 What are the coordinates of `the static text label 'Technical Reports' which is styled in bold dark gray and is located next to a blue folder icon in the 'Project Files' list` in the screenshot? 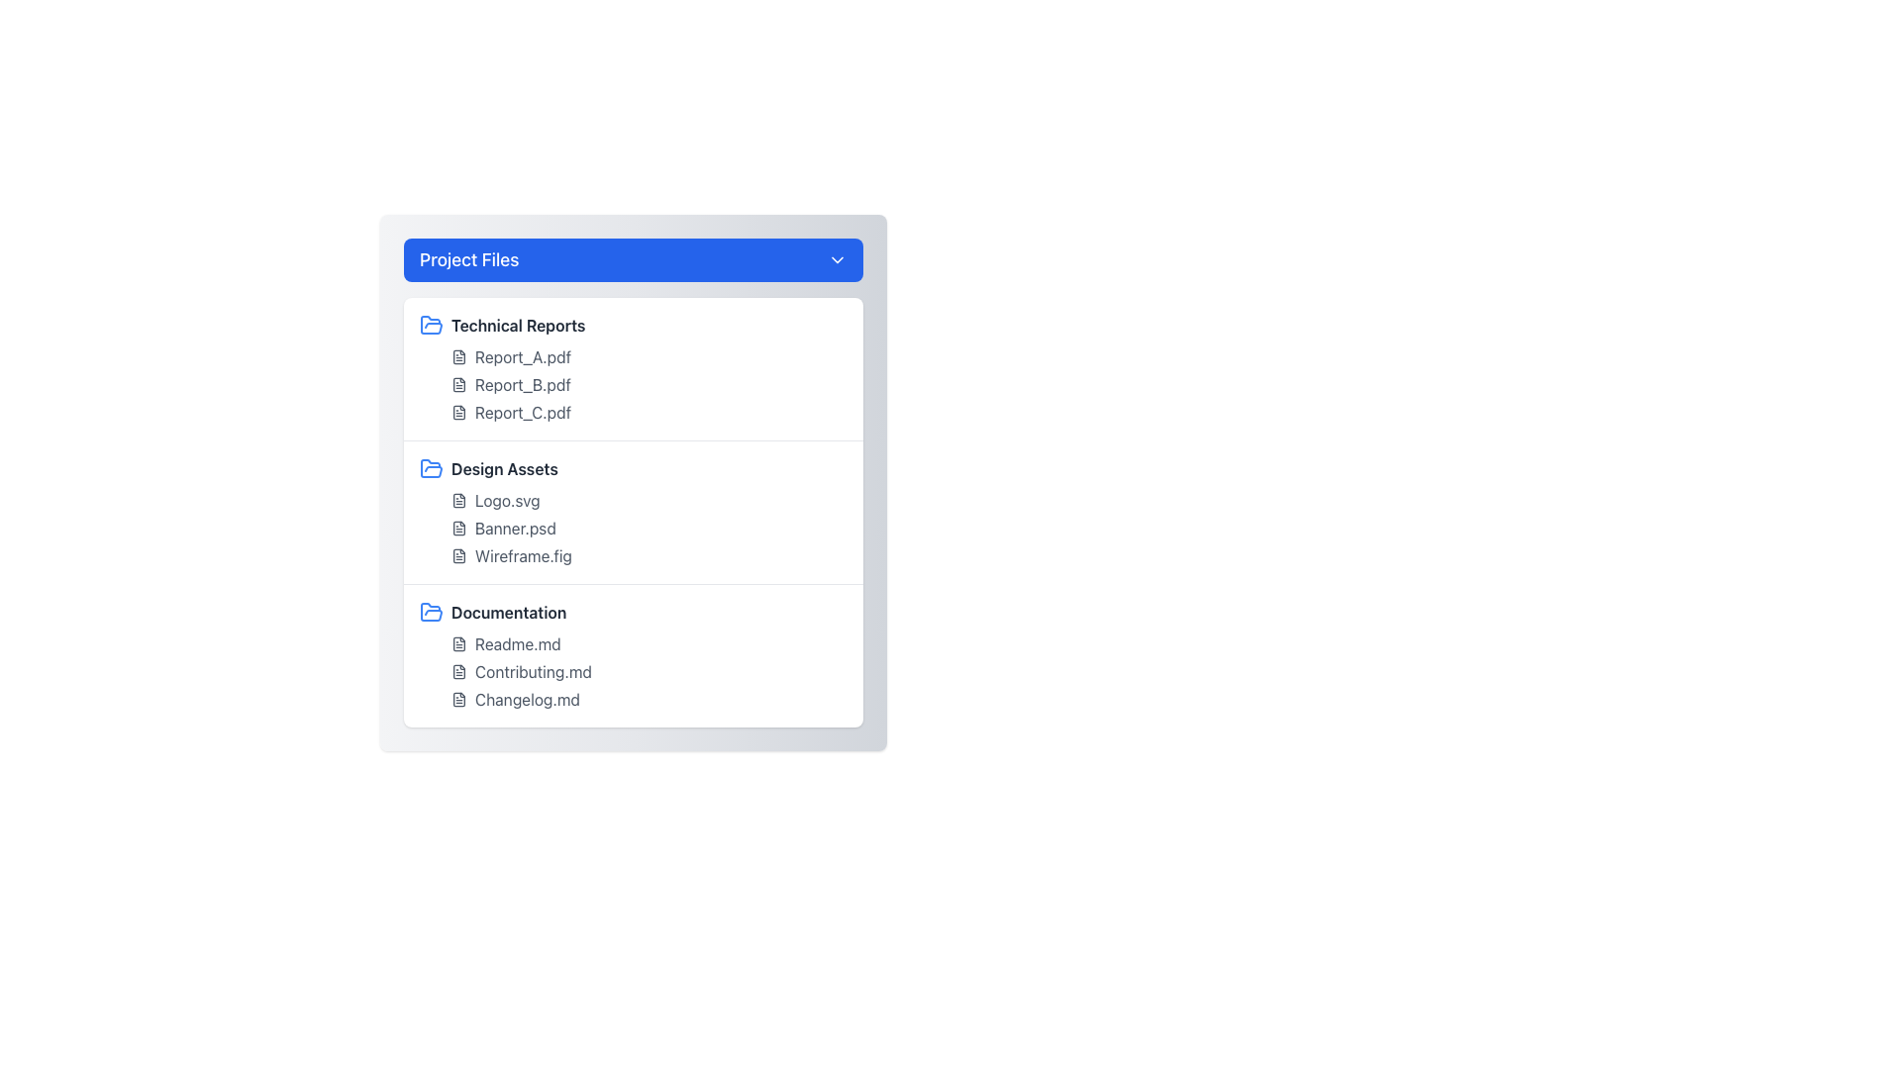 It's located at (518, 324).